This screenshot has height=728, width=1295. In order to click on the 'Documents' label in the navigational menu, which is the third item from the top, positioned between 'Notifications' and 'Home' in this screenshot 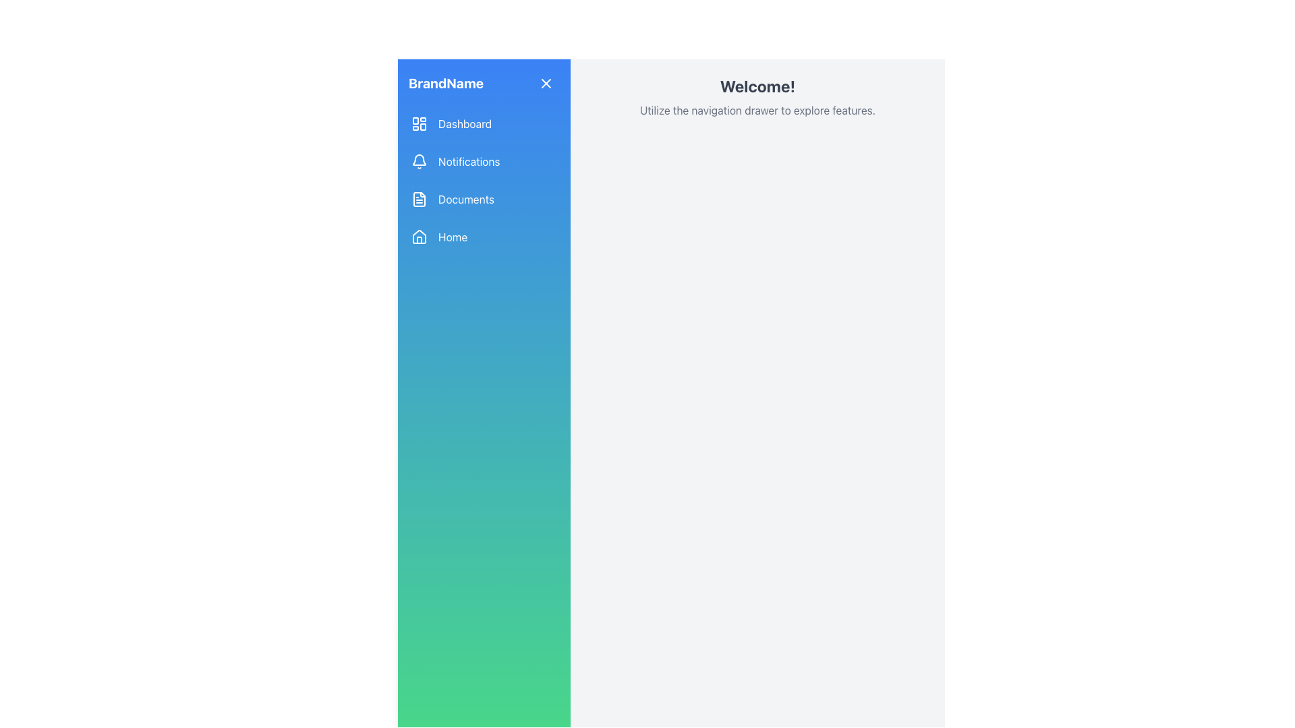, I will do `click(466, 200)`.